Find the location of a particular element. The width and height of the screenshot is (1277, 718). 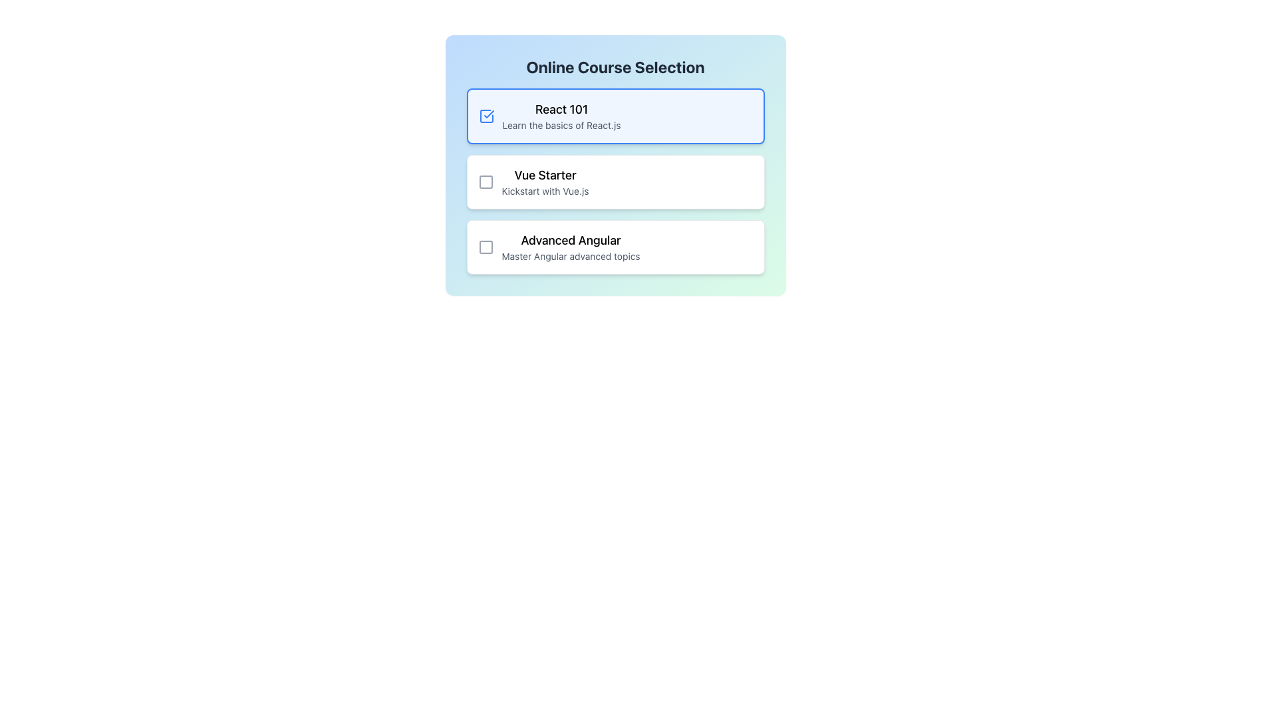

the checkbox indicator for the 'Advanced Angular' course is located at coordinates (485, 247).